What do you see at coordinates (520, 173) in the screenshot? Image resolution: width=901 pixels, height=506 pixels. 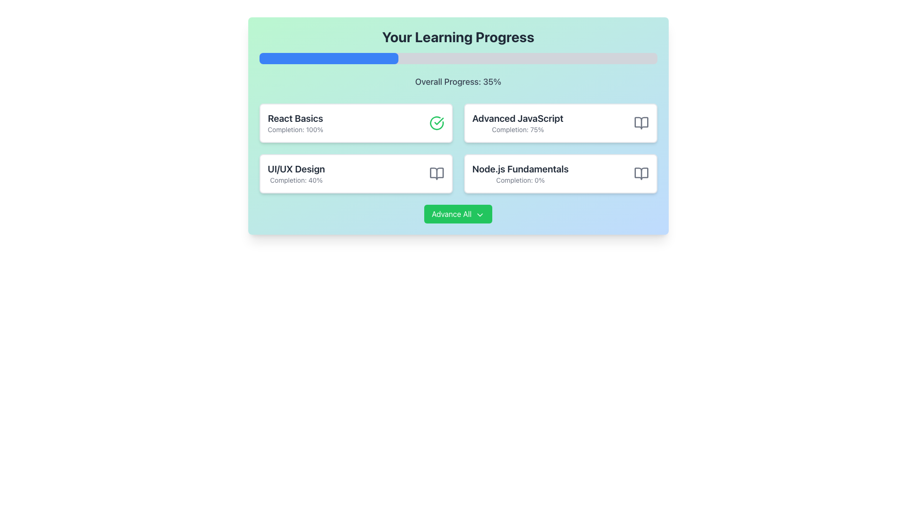 I see `the Text display element that shows 'Node.js Fundamentals' and 'Completion: 0%' within the 'Your Learning Progress' section` at bounding box center [520, 173].